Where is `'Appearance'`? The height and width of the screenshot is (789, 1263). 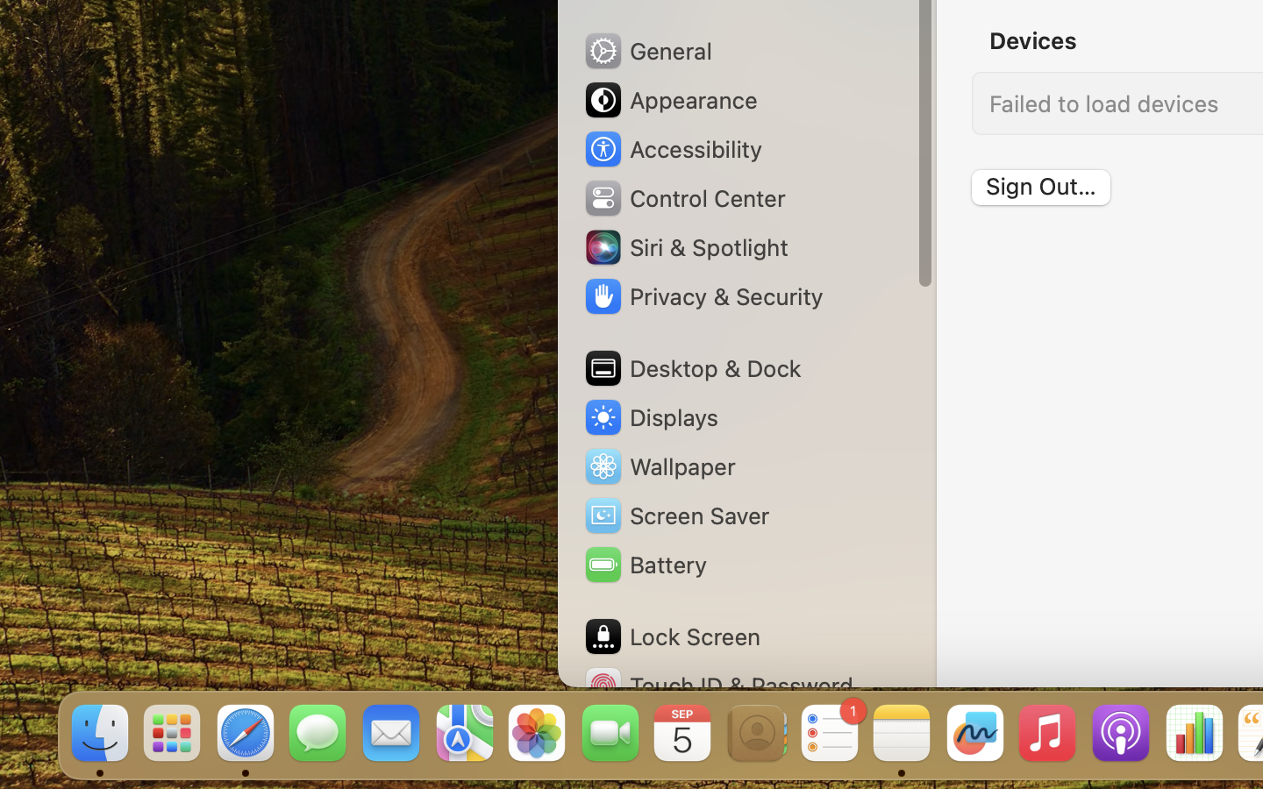 'Appearance' is located at coordinates (669, 100).